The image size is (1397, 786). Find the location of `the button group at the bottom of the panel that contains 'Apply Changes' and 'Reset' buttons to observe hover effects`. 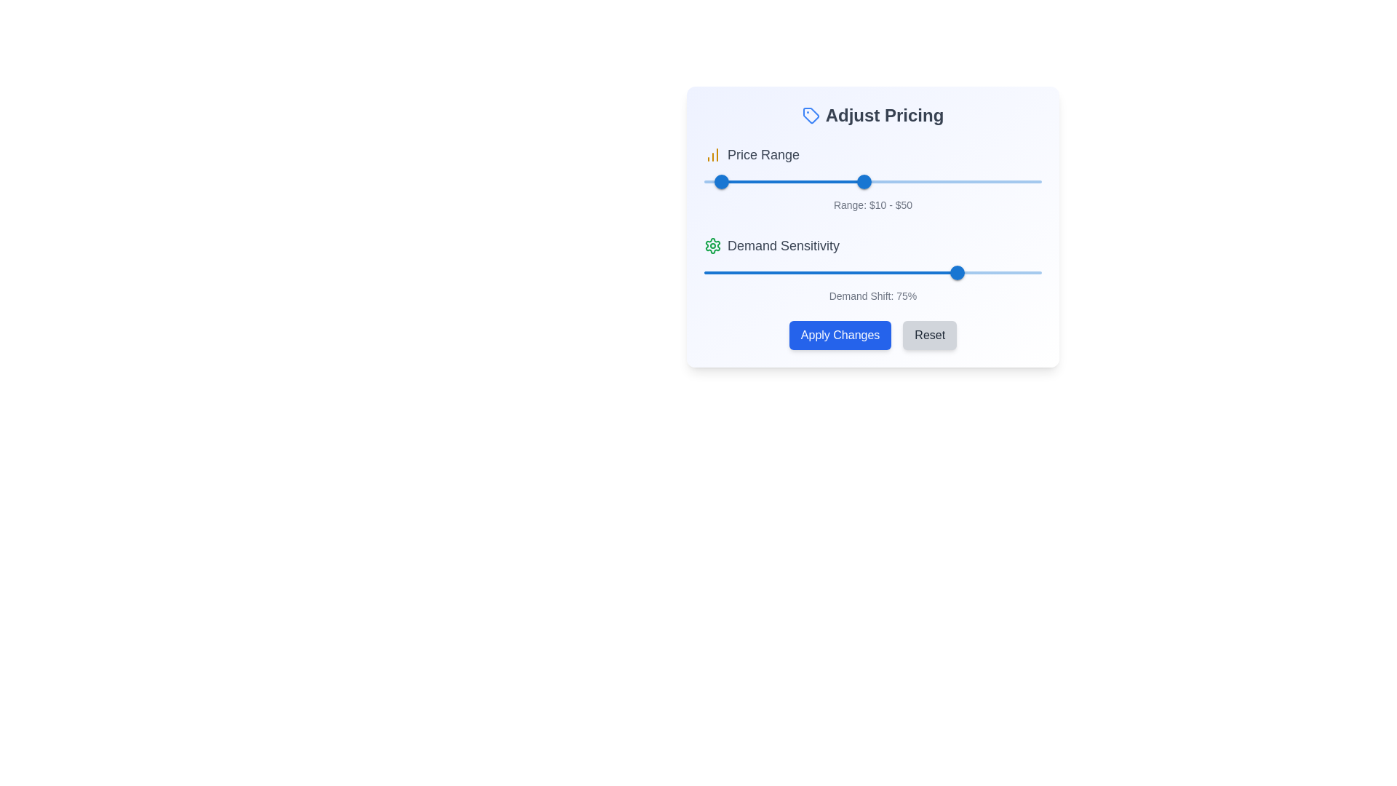

the button group at the bottom of the panel that contains 'Apply Changes' and 'Reset' buttons to observe hover effects is located at coordinates (873, 336).